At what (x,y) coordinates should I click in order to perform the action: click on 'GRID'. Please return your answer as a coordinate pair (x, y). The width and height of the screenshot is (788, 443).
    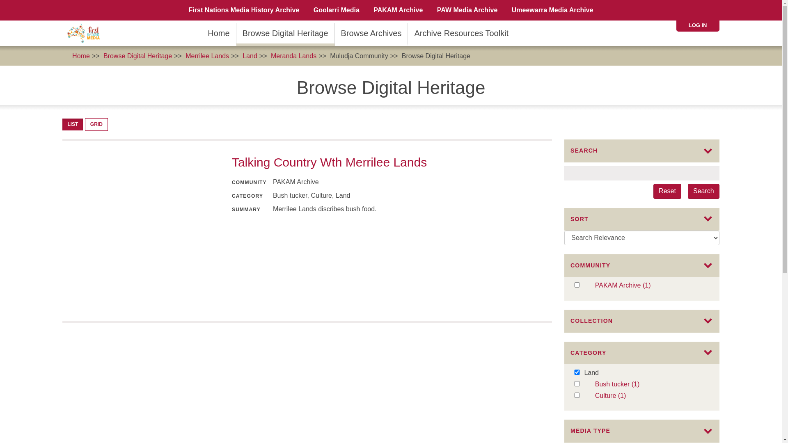
    Looking at the image, I should click on (96, 124).